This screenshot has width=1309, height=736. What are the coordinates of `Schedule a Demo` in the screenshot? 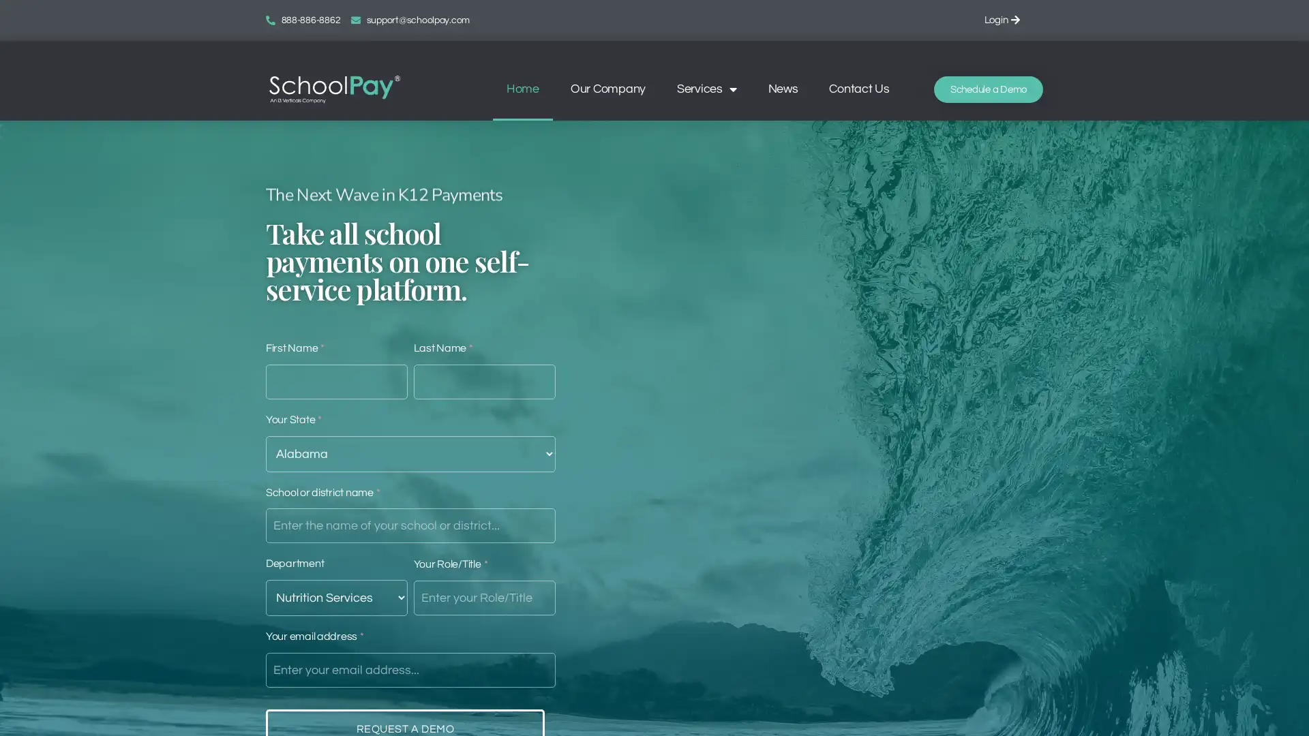 It's located at (988, 89).